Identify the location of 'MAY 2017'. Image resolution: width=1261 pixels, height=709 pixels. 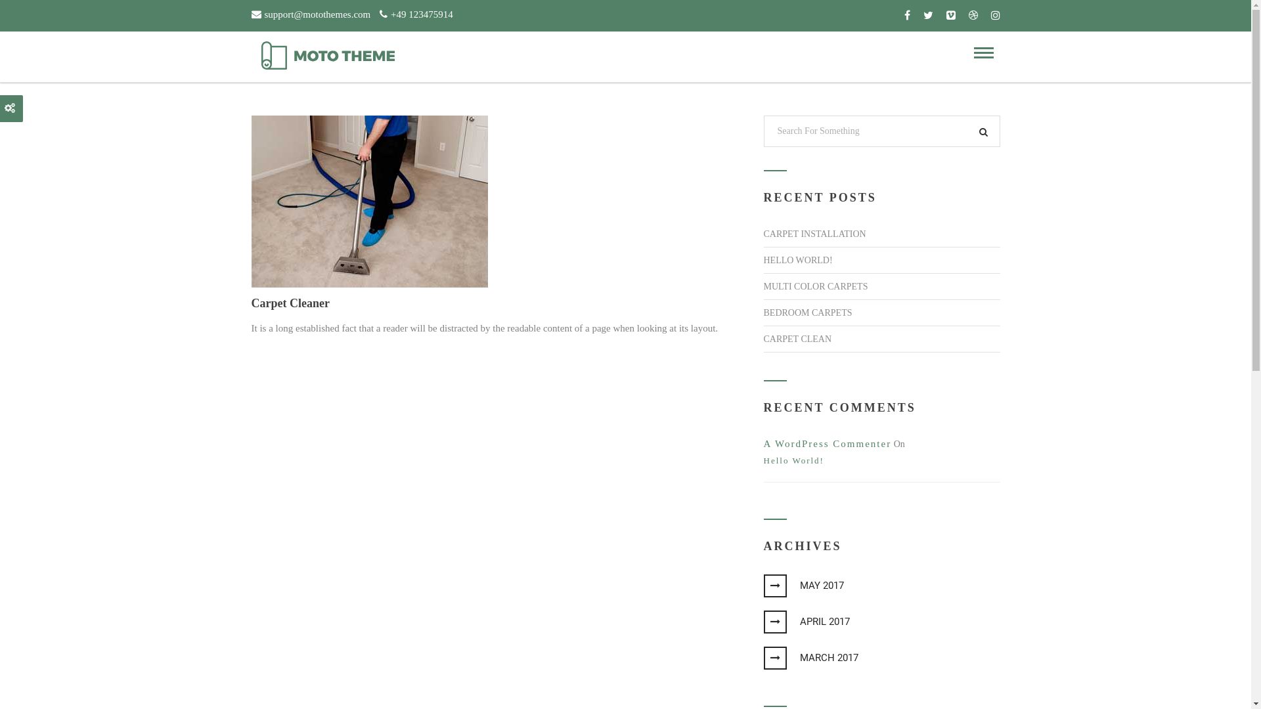
(809, 584).